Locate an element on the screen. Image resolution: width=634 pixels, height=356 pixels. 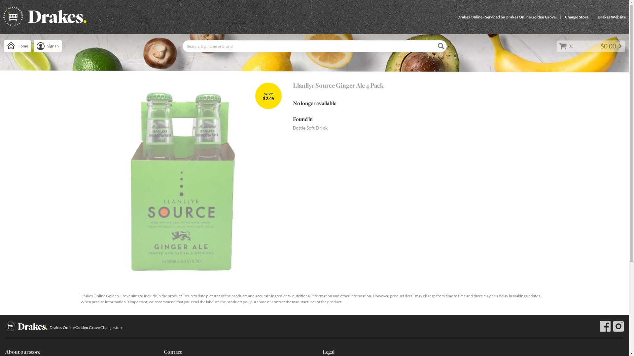
'Change Store' is located at coordinates (576, 16).